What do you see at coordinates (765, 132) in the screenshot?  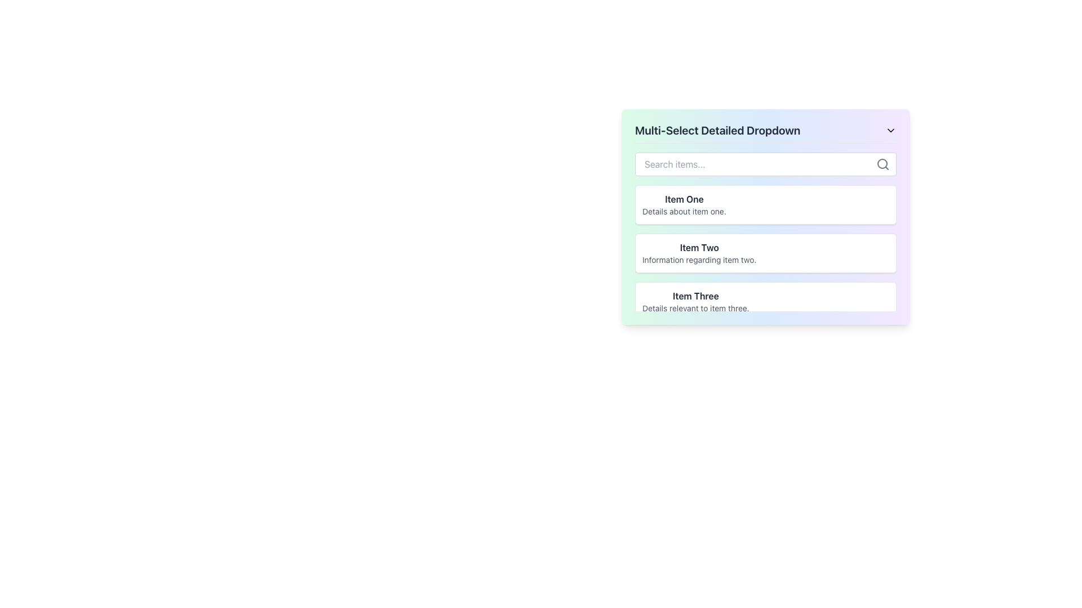 I see `the 'Multi-Select Detailed Dropdown' header` at bounding box center [765, 132].